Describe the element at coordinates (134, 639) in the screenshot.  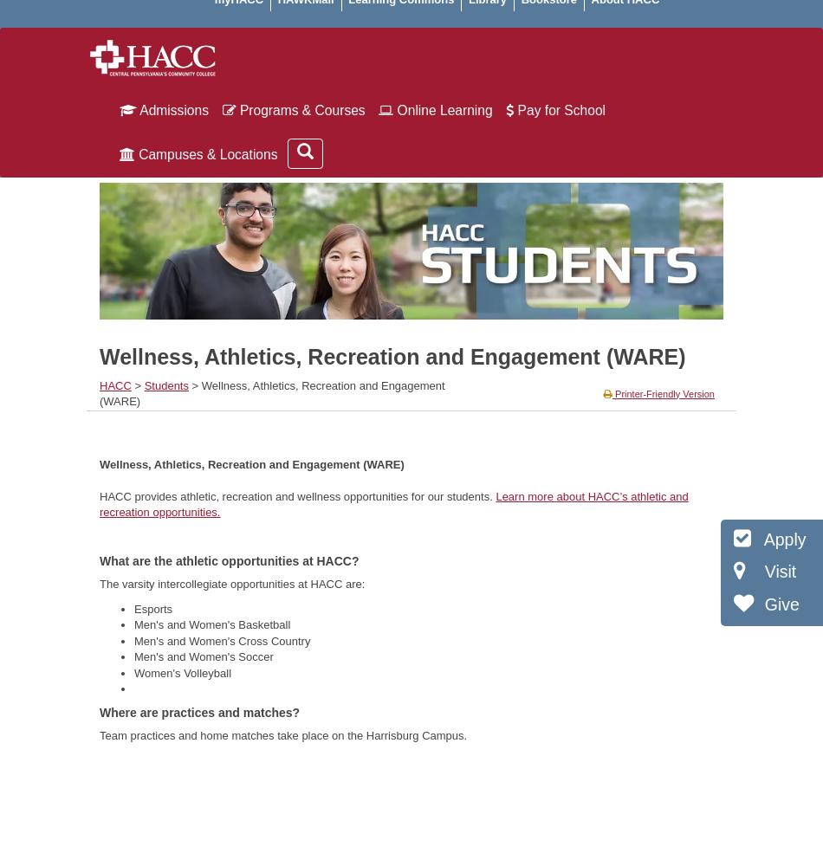
I see `'Men's and Women's Cross Country'` at that location.